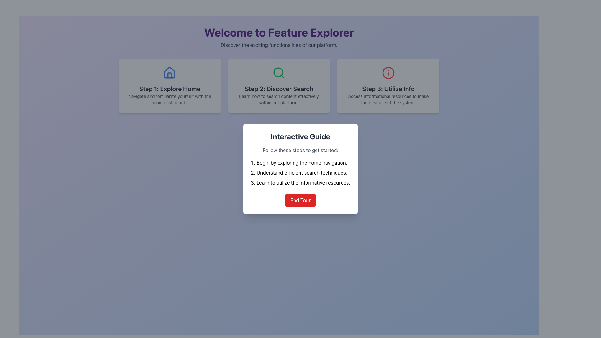 The height and width of the screenshot is (338, 601). I want to click on the title text element that summarizes 'Step 3: Utilize Info', located centrally within the card layout, directly beneath an informational icon, so click(388, 89).